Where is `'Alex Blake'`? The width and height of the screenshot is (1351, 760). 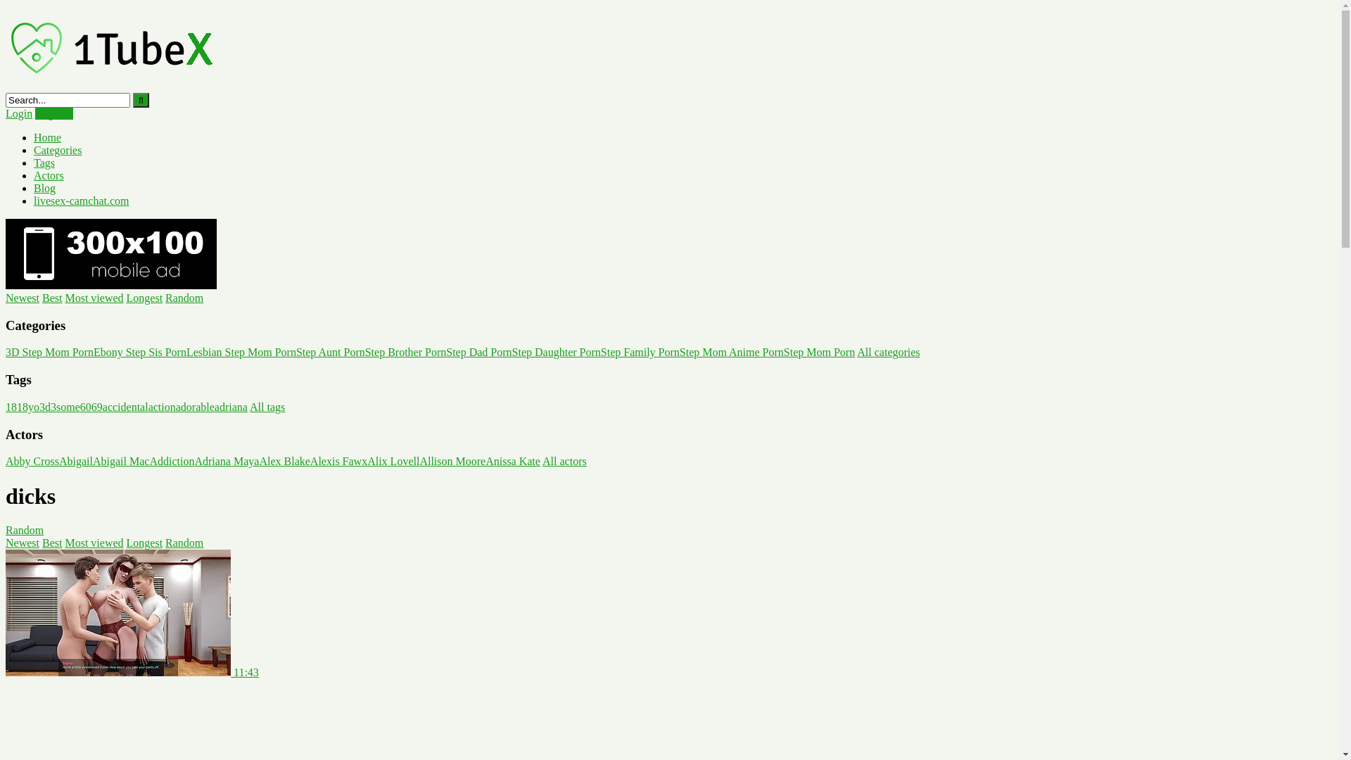 'Alex Blake' is located at coordinates (283, 461).